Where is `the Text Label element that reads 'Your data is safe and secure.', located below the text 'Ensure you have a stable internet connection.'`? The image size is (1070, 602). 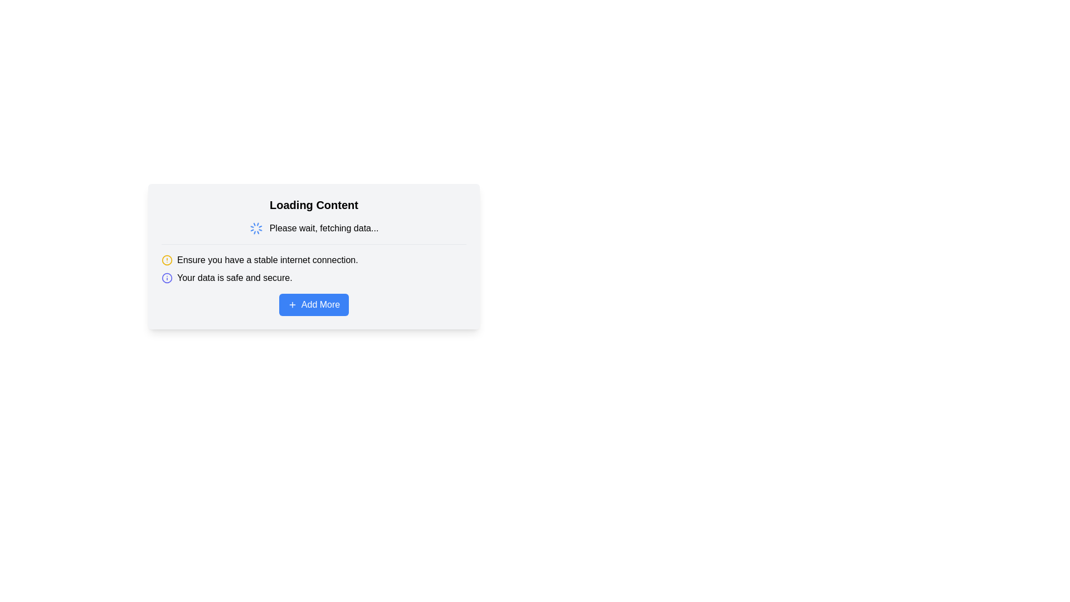
the Text Label element that reads 'Your data is safe and secure.', located below the text 'Ensure you have a stable internet connection.' is located at coordinates (234, 277).